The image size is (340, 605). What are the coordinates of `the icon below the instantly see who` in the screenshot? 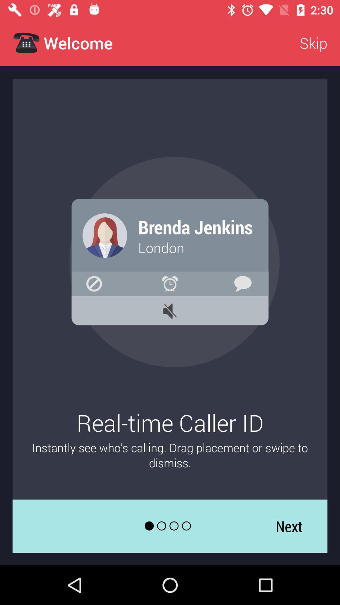 It's located at (289, 526).